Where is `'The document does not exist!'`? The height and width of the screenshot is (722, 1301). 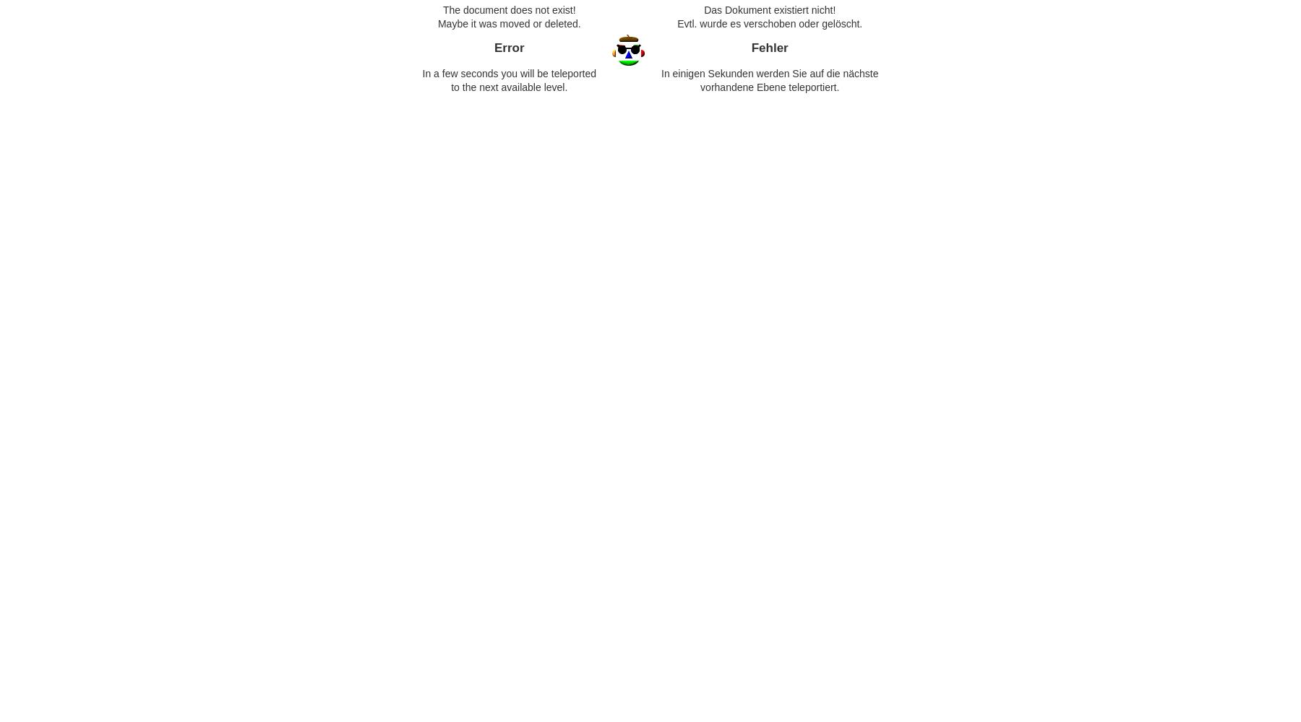
'The document does not exist!' is located at coordinates (507, 10).